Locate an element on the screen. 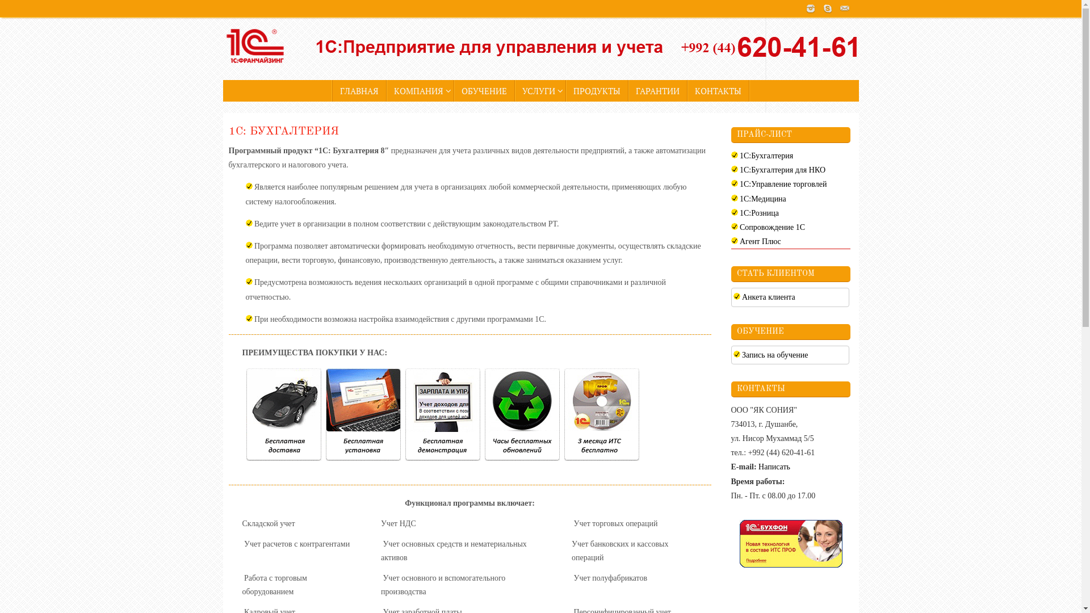  'Instagram' is located at coordinates (809, 9).